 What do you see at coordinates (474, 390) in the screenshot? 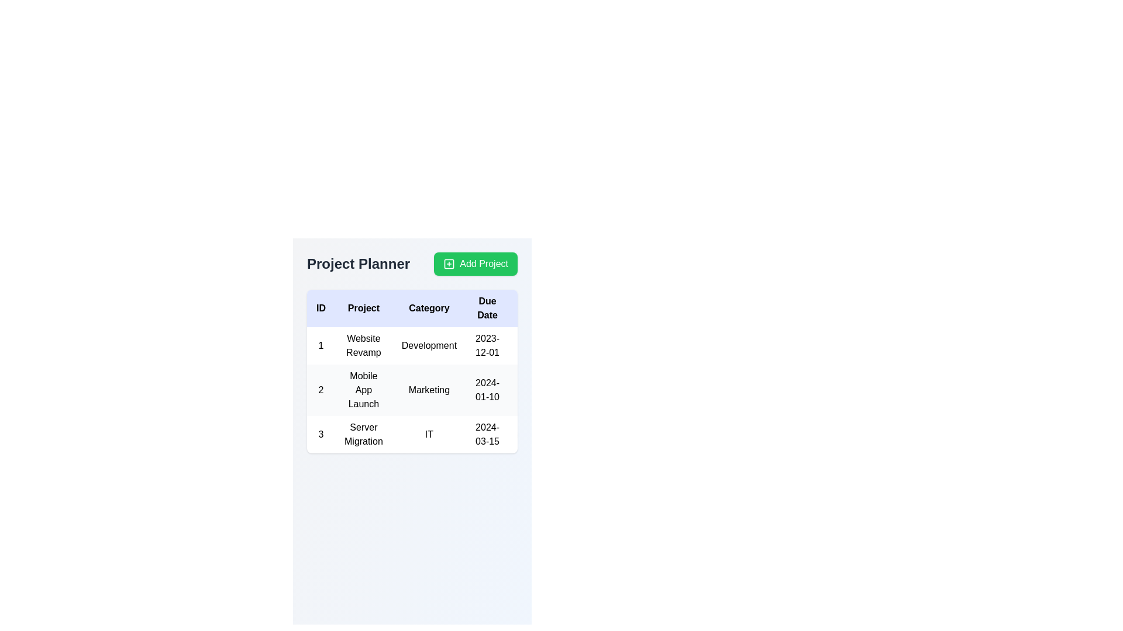
I see `to interact with the second row of the project table displaying ID '2', project name 'Mobile App Launch', category 'Marketing', and due date '2024-01-10'` at bounding box center [474, 390].